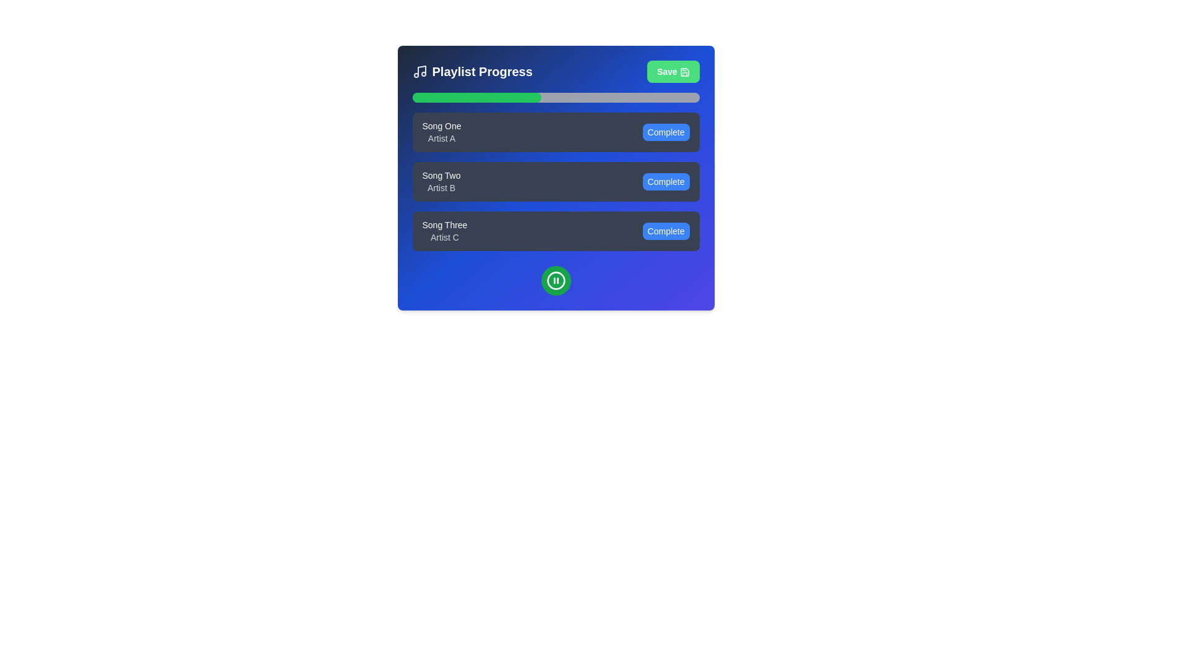 Image resolution: width=1188 pixels, height=668 pixels. I want to click on the static text label displaying the artist name associated with the song 'Song One', positioned below the song title and above a horizontal dividing line, so click(442, 138).